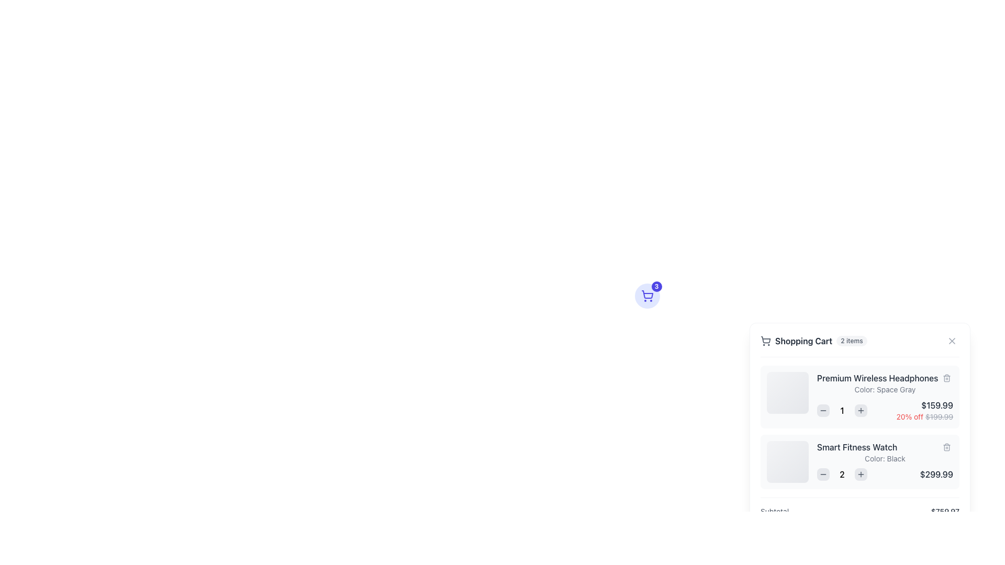  Describe the element at coordinates (857, 447) in the screenshot. I see `the Text label displaying 'Smart Fitness Watch' in a shopping cart interface, which is styled in a medium-sized, slightly bold grayish-black font` at that location.